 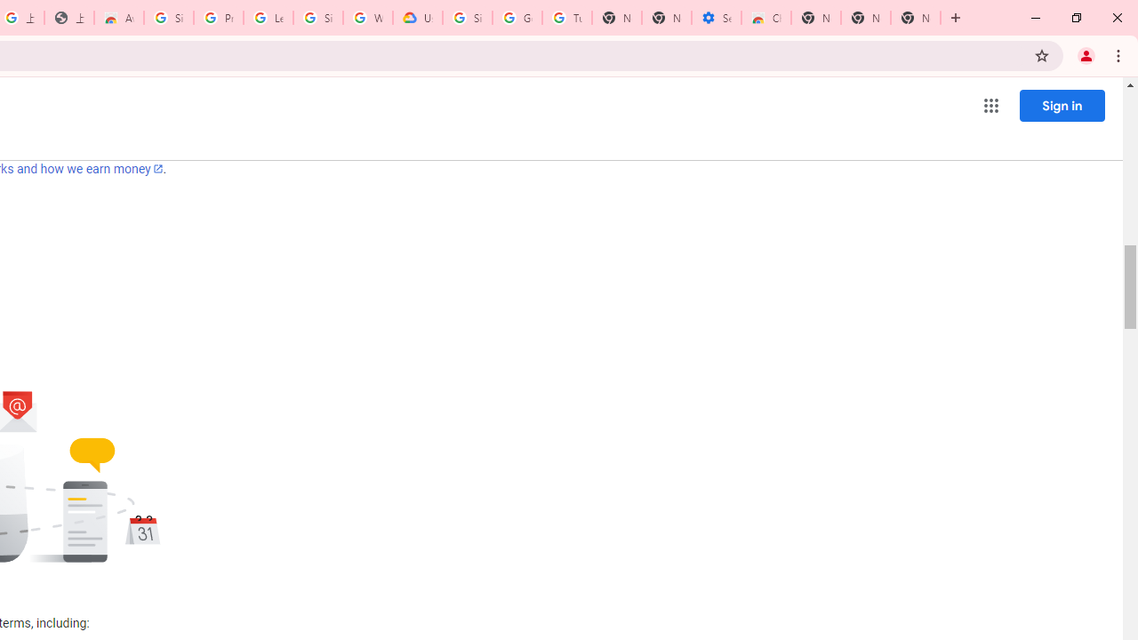 What do you see at coordinates (916, 18) in the screenshot?
I see `'New Tab'` at bounding box center [916, 18].